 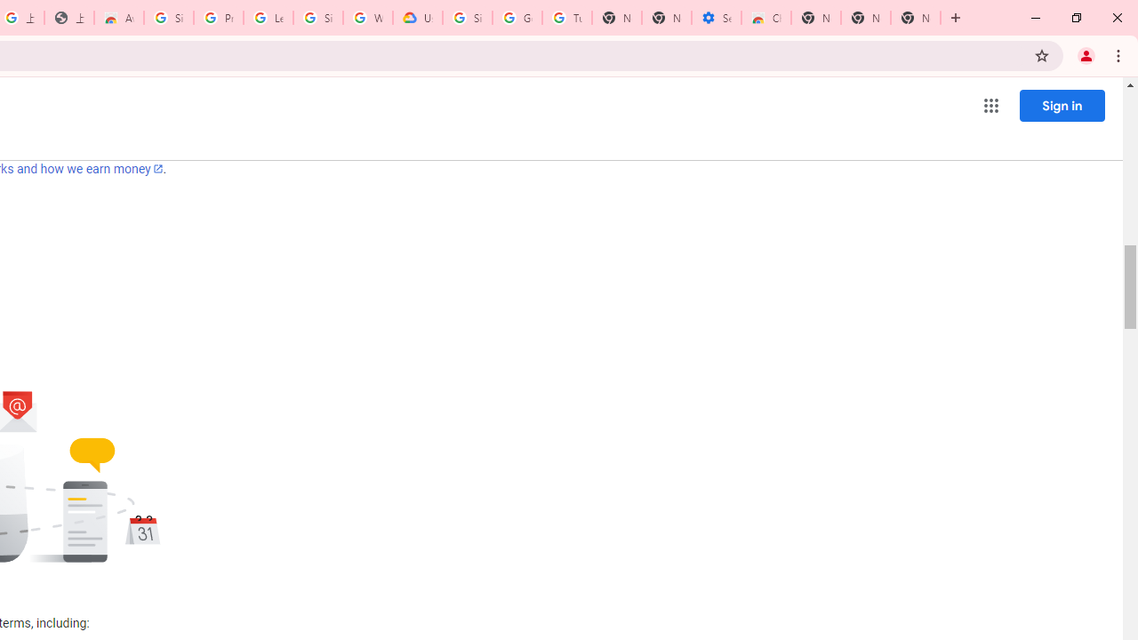 What do you see at coordinates (916, 18) in the screenshot?
I see `'New Tab'` at bounding box center [916, 18].